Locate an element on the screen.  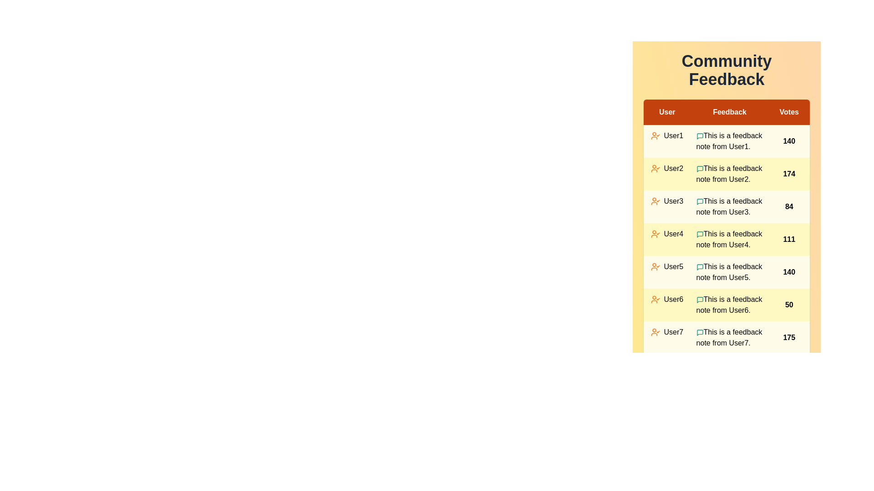
the user icon corresponding to User5 to view their details is located at coordinates (655, 266).